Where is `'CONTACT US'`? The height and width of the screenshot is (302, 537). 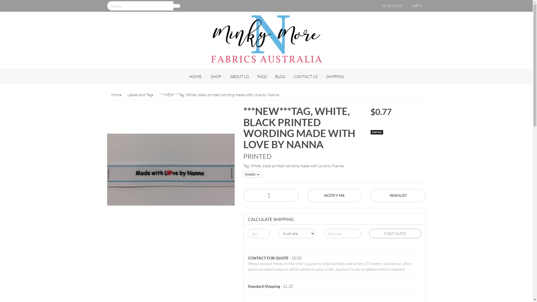 'CONTACT US' is located at coordinates (305, 76).